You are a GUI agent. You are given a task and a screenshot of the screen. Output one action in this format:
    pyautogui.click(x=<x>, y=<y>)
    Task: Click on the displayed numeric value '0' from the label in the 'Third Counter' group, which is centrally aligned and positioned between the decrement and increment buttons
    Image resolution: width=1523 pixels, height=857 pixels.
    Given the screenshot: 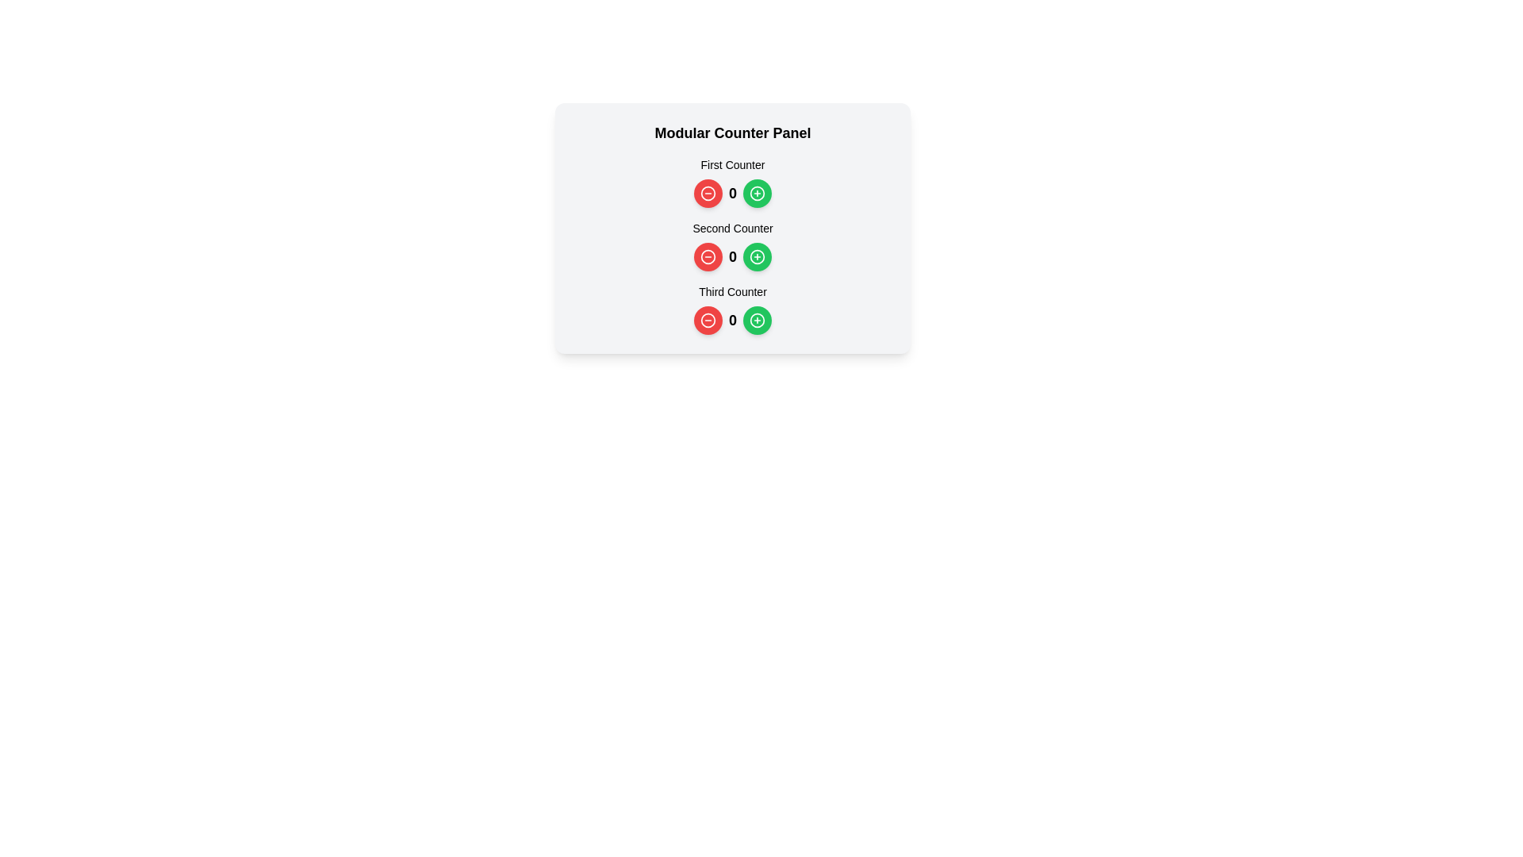 What is the action you would take?
    pyautogui.click(x=732, y=321)
    